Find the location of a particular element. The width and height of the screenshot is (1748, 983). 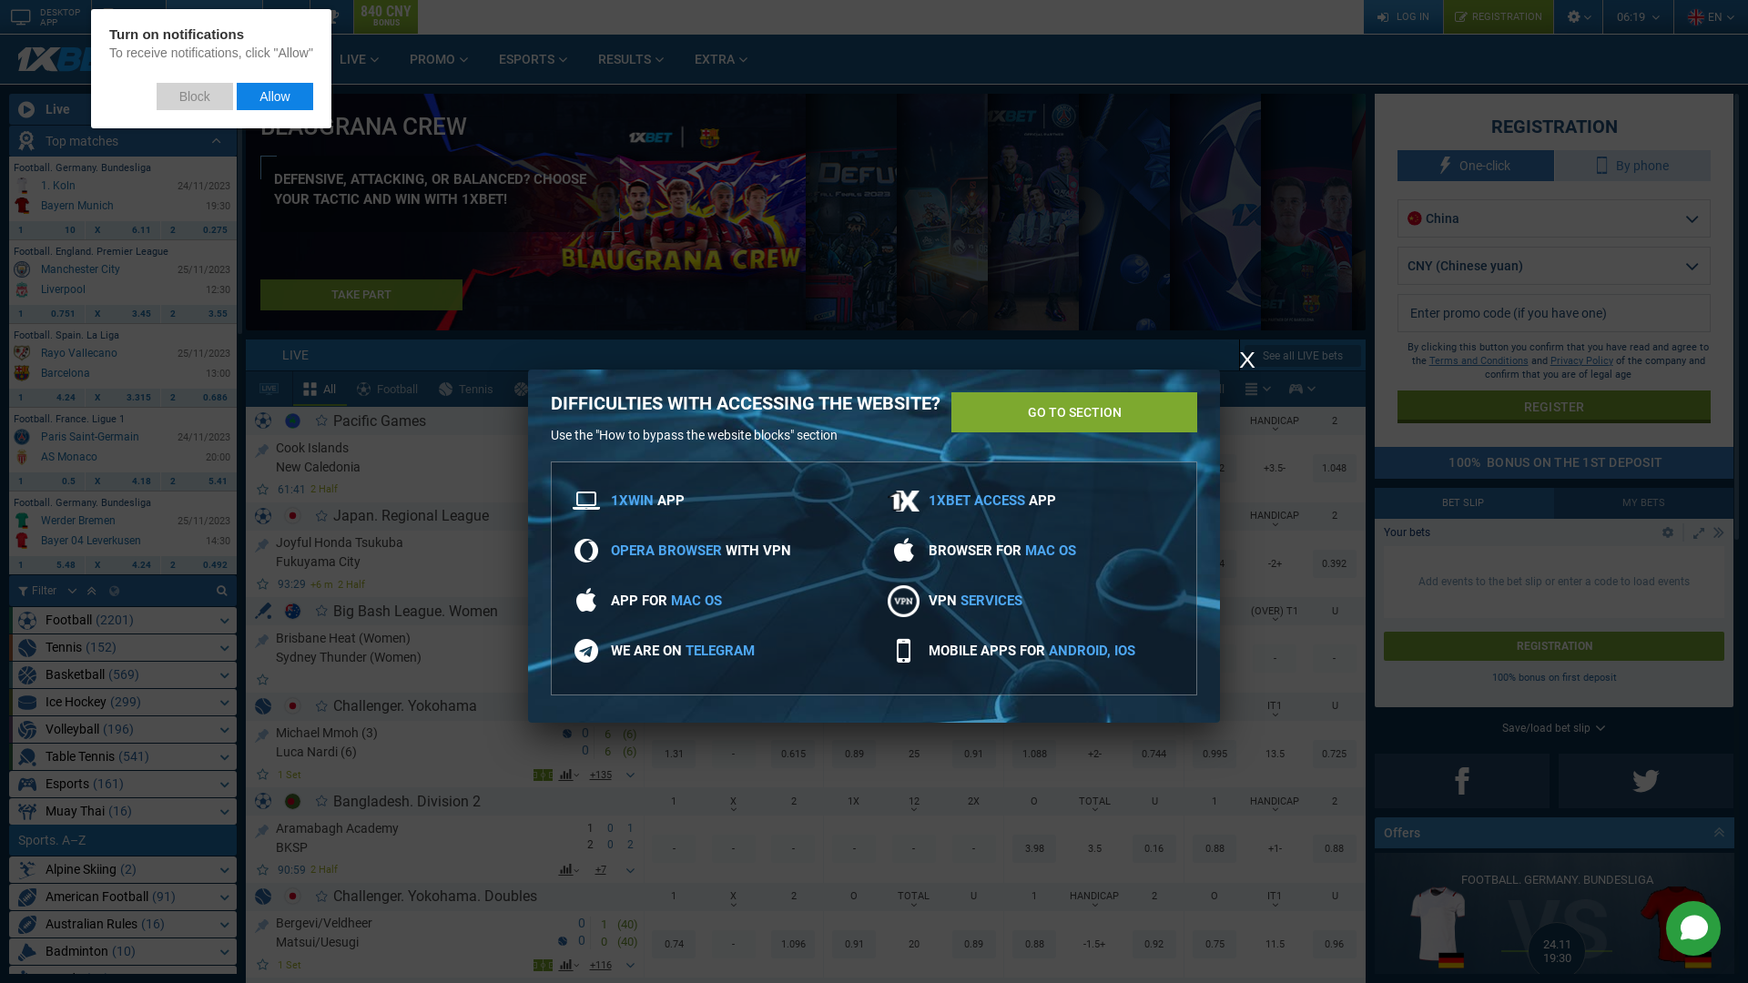

'Bangladesh' is located at coordinates (292, 800).